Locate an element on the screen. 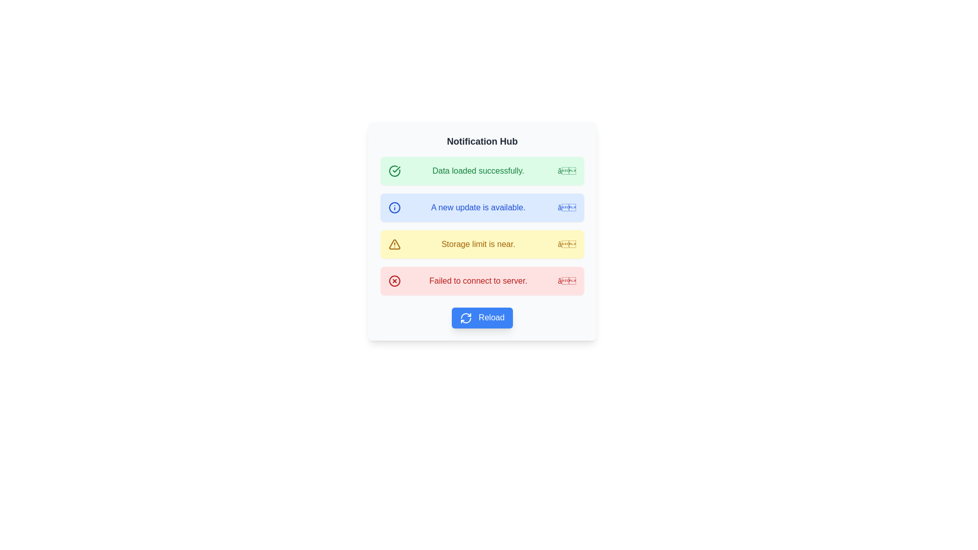 Image resolution: width=978 pixels, height=550 pixels. the dismiss button on the fourth Alert box in the Notification Hub is located at coordinates (481, 281).